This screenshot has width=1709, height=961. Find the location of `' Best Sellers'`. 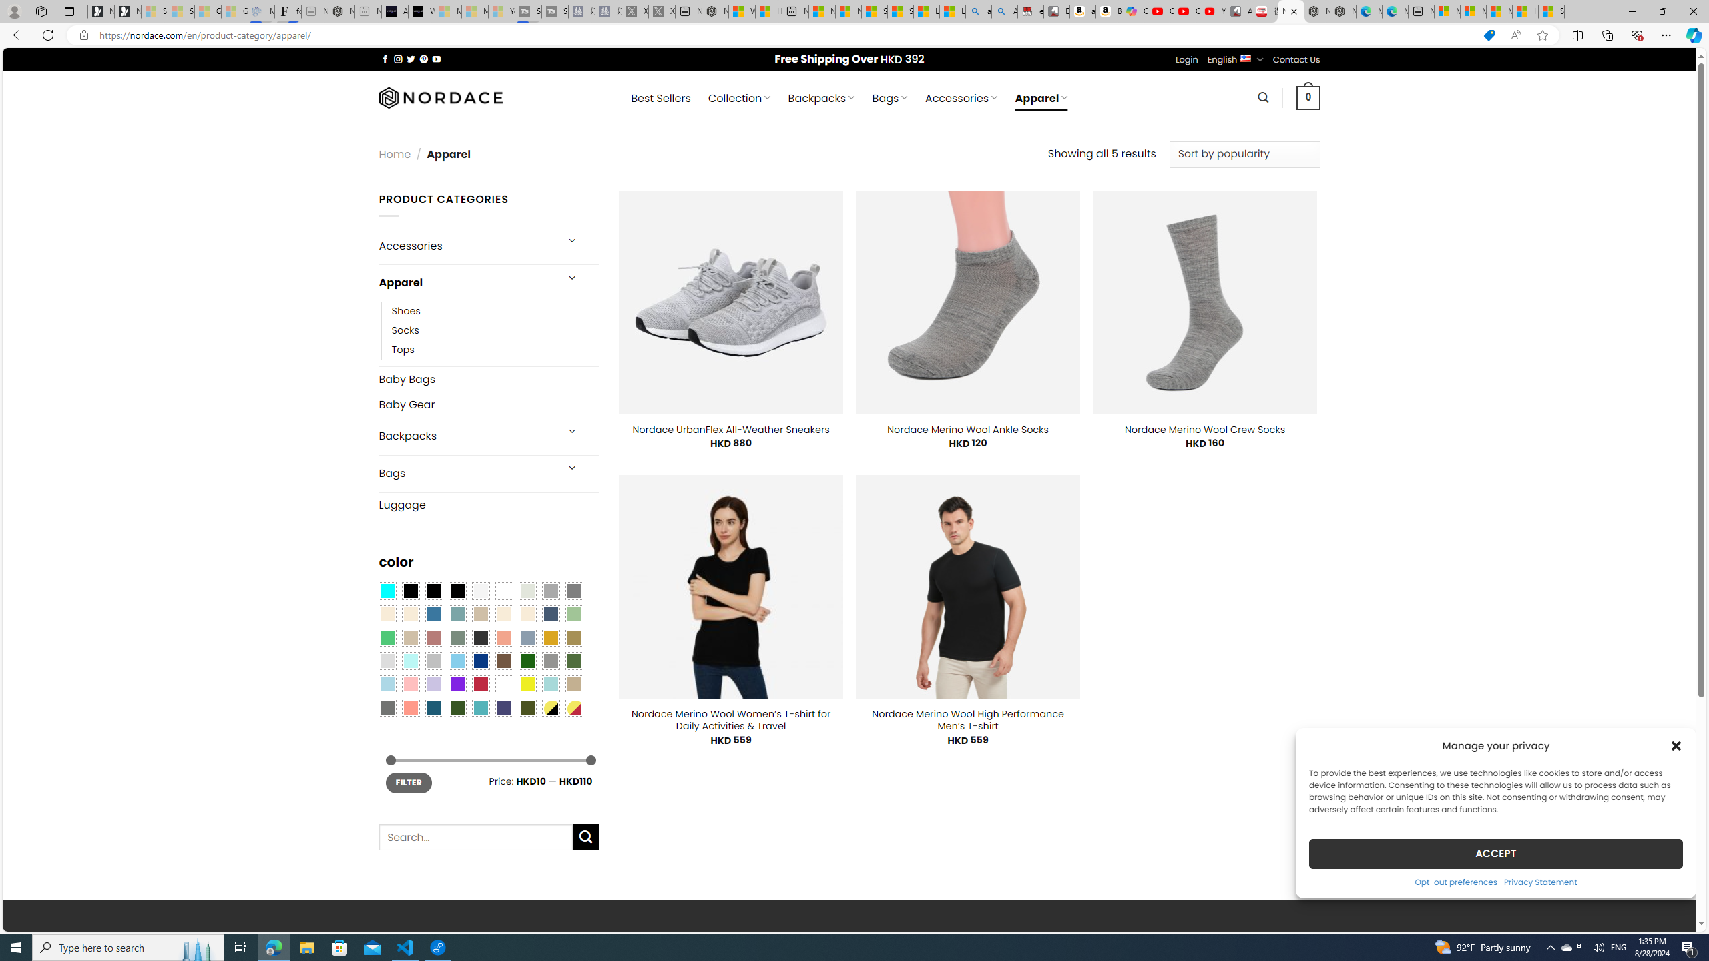

' Best Sellers' is located at coordinates (660, 97).